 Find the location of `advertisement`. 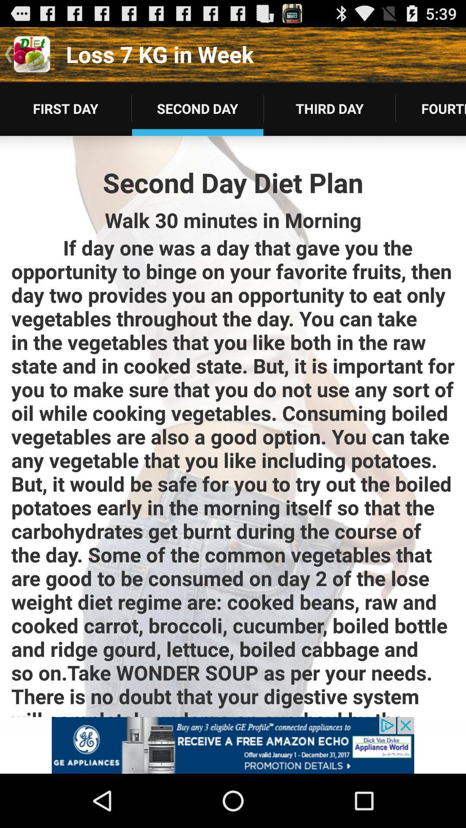

advertisement is located at coordinates (233, 745).